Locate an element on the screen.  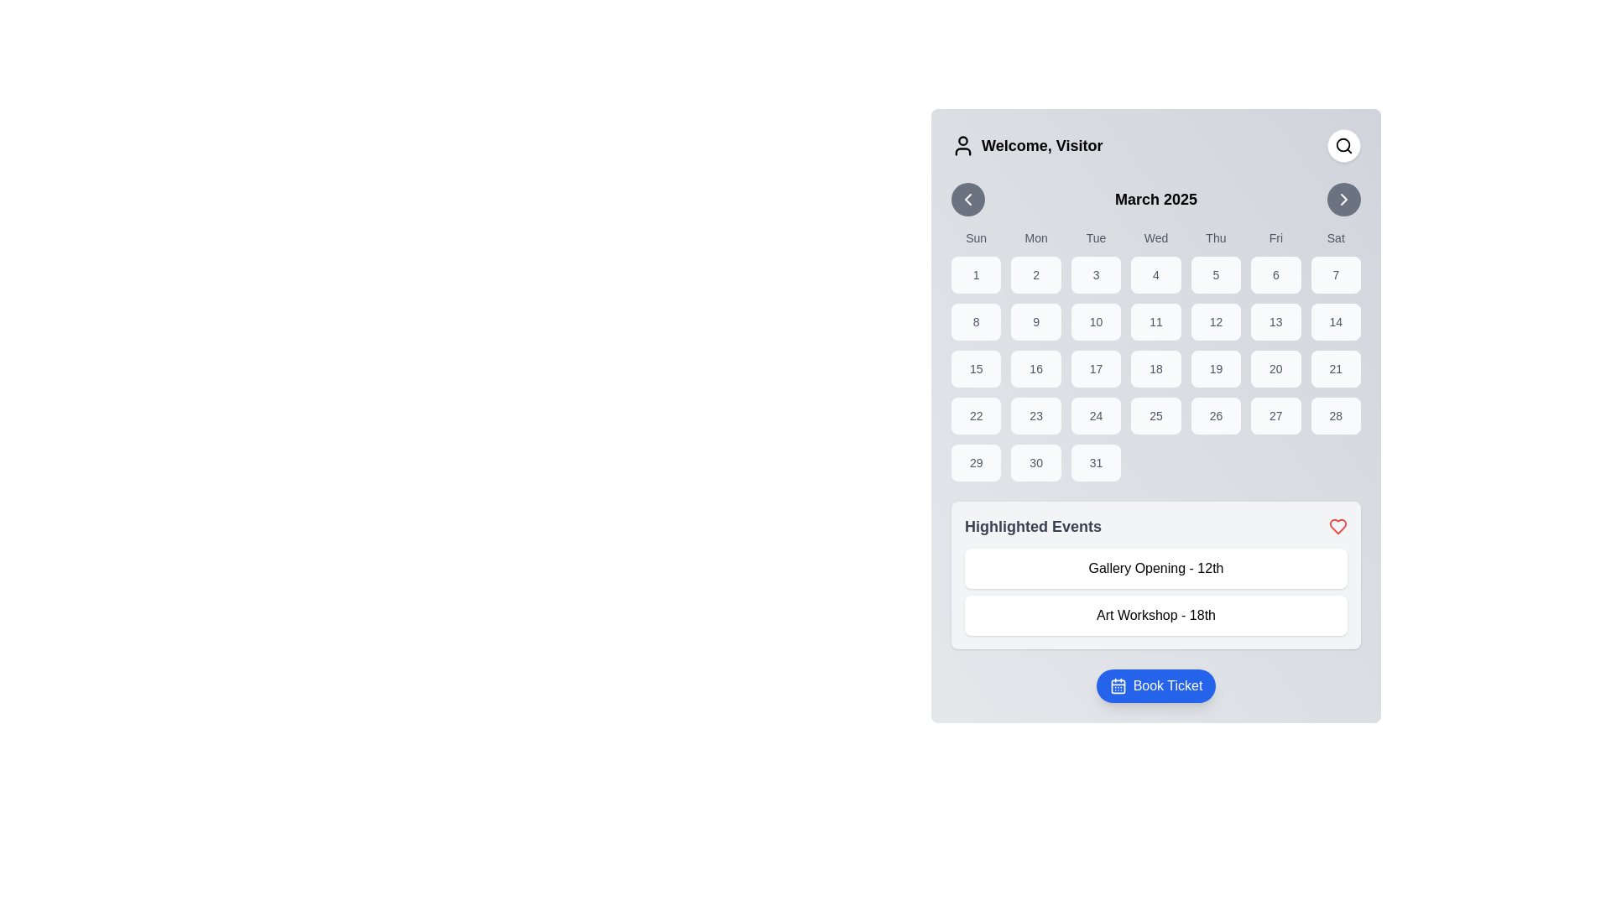
the left-pointing chevron icon styled in white, located inside a circular gray button is located at coordinates (967, 199).